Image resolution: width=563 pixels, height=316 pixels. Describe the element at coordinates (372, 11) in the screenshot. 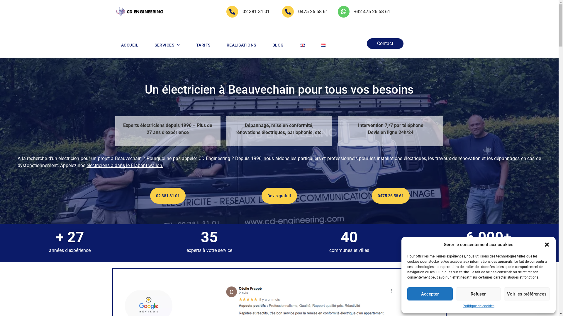

I see `'+32 475 26 58 61'` at that location.